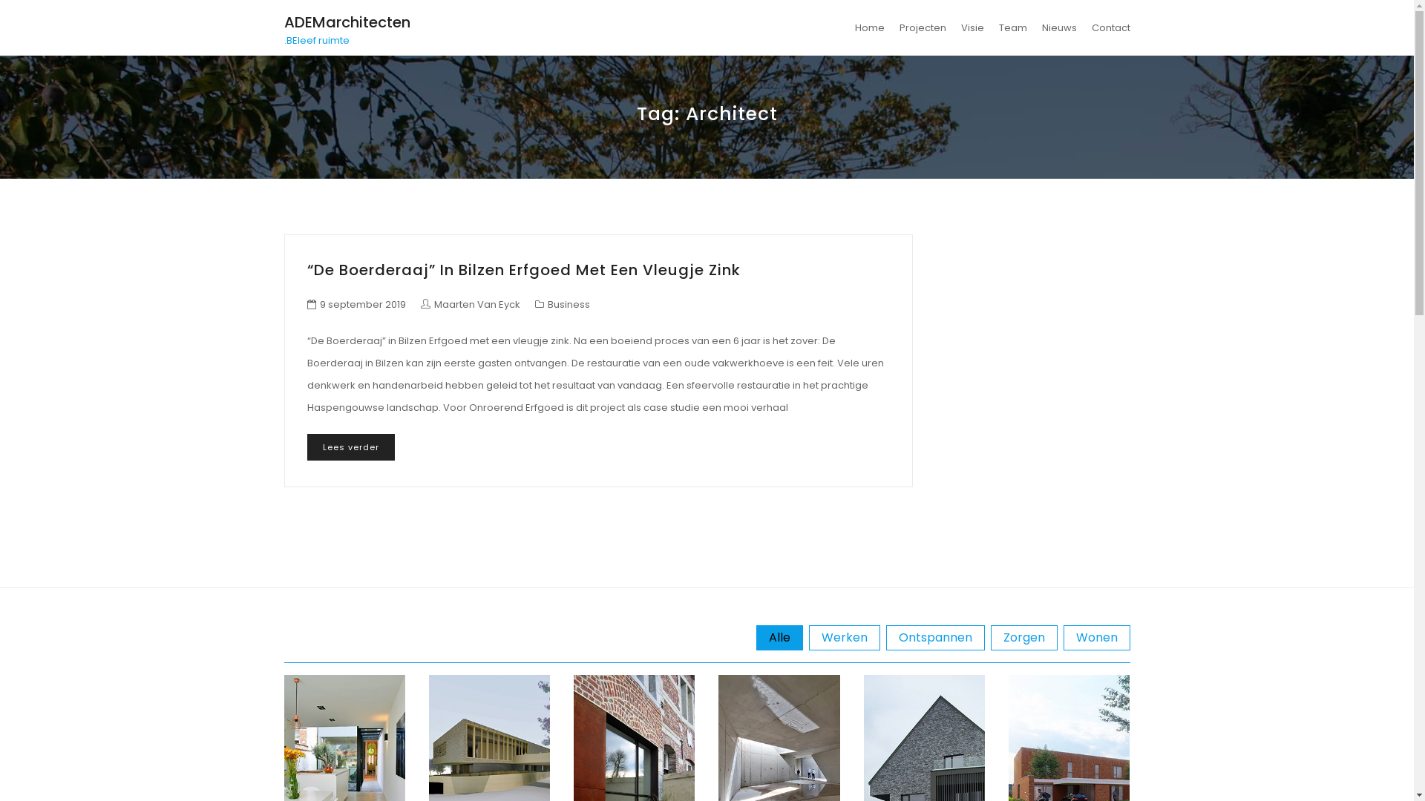  I want to click on 'Home', so click(869, 27).